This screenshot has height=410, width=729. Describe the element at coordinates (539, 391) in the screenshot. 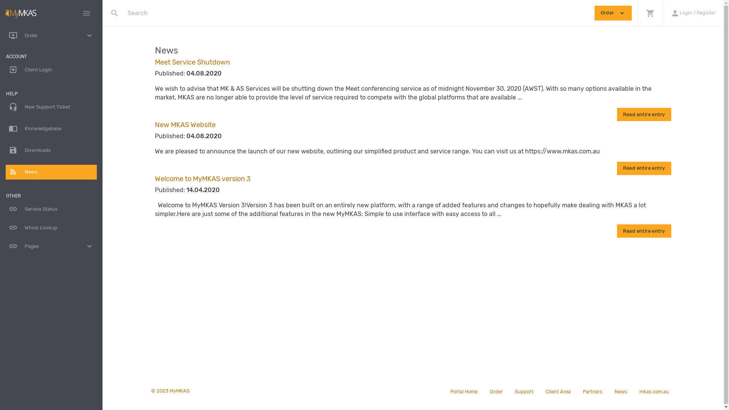

I see `'Client Area'` at that location.